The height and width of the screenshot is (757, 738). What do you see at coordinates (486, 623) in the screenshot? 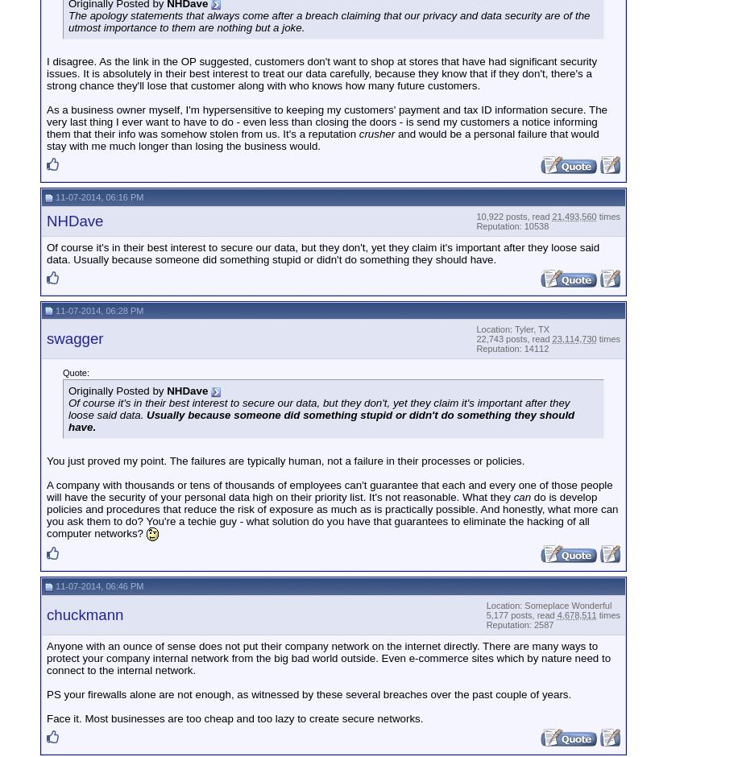
I see `'Reputation: 2587'` at bounding box center [486, 623].